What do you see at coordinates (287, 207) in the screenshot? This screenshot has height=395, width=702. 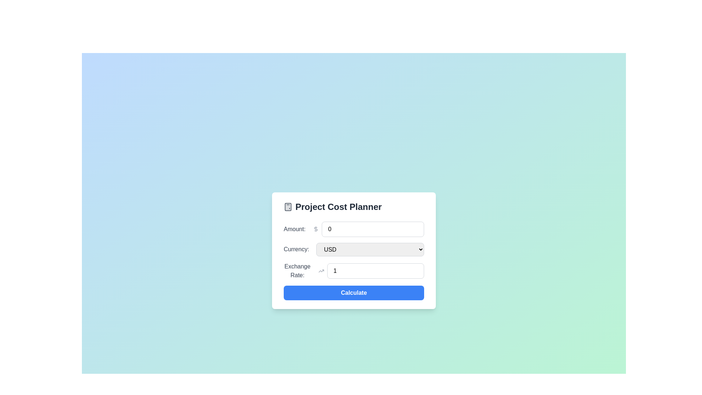 I see `the calculator icon with a rectangular border that represents the 'Project Cost Planner' function, located in the header section of the financial application` at bounding box center [287, 207].